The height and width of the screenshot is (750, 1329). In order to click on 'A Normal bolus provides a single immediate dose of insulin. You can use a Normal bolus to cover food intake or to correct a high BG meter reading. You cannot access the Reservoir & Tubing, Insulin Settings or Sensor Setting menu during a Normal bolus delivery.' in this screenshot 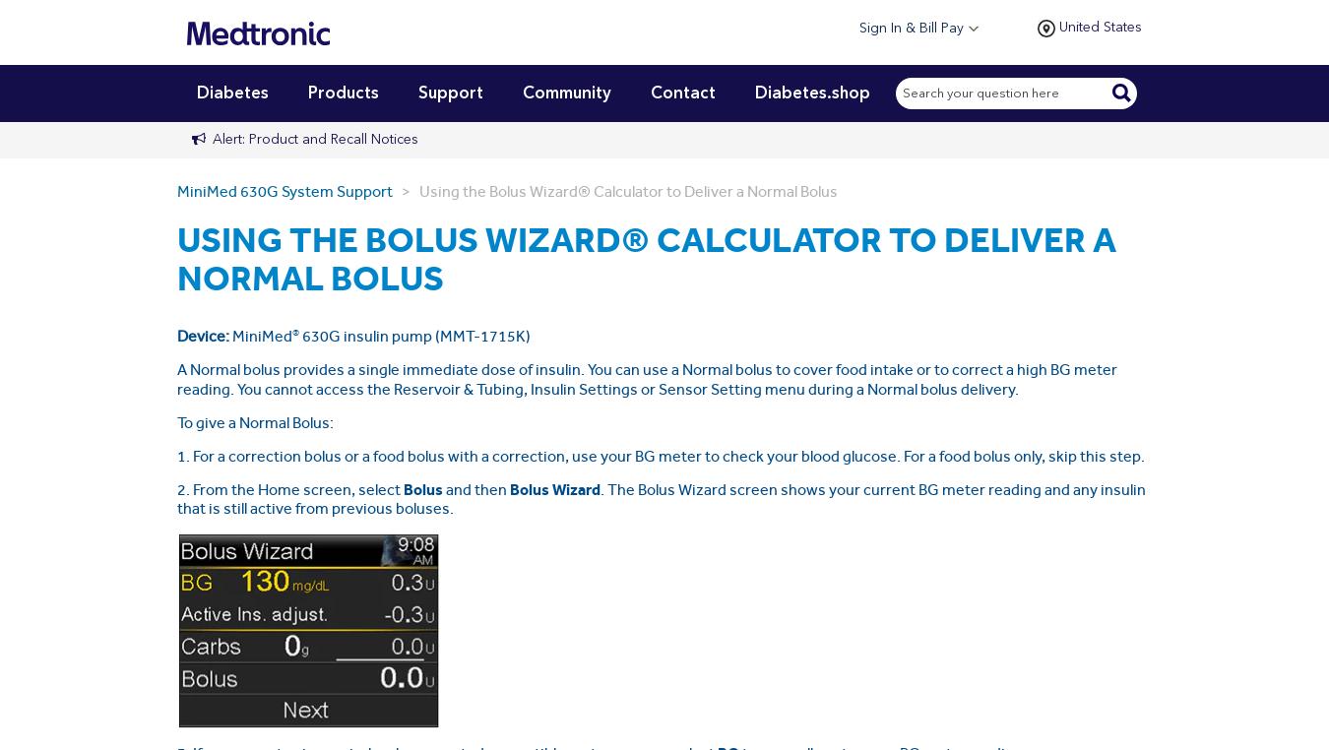, I will do `click(647, 377)`.